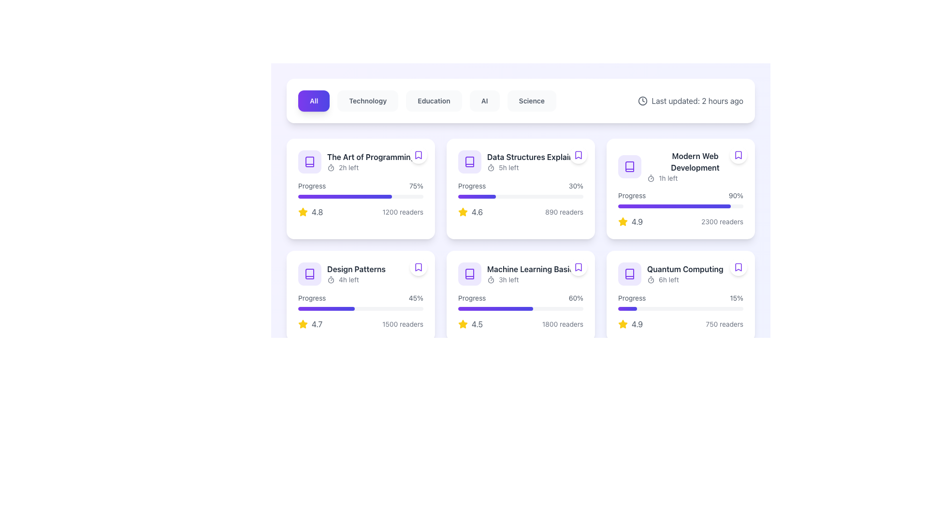  What do you see at coordinates (303, 324) in the screenshot?
I see `the rating icon located within the 'Design Patterns' card block, positioned below the progress bar and to the left of the numeric rating text '4.7'` at bounding box center [303, 324].